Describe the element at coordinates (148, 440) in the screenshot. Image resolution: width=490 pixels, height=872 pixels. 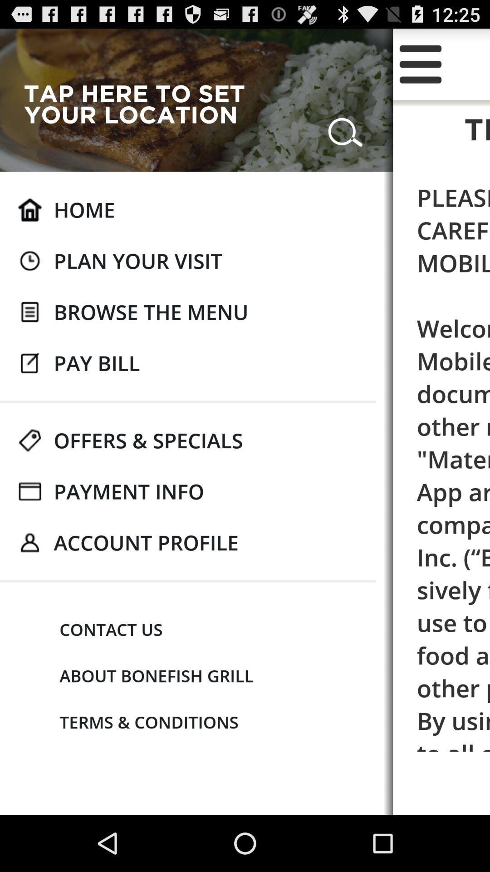
I see `app to the left of please read these item` at that location.